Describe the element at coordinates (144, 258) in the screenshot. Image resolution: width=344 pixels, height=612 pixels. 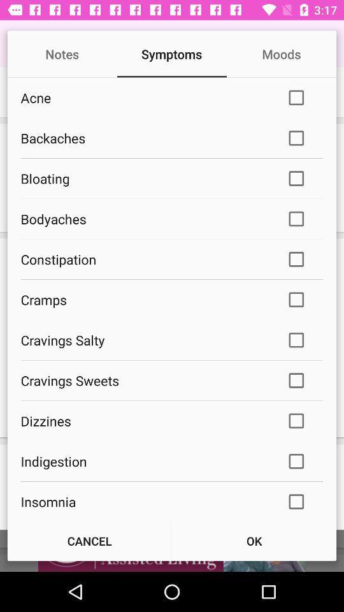
I see `icon above cramps` at that location.